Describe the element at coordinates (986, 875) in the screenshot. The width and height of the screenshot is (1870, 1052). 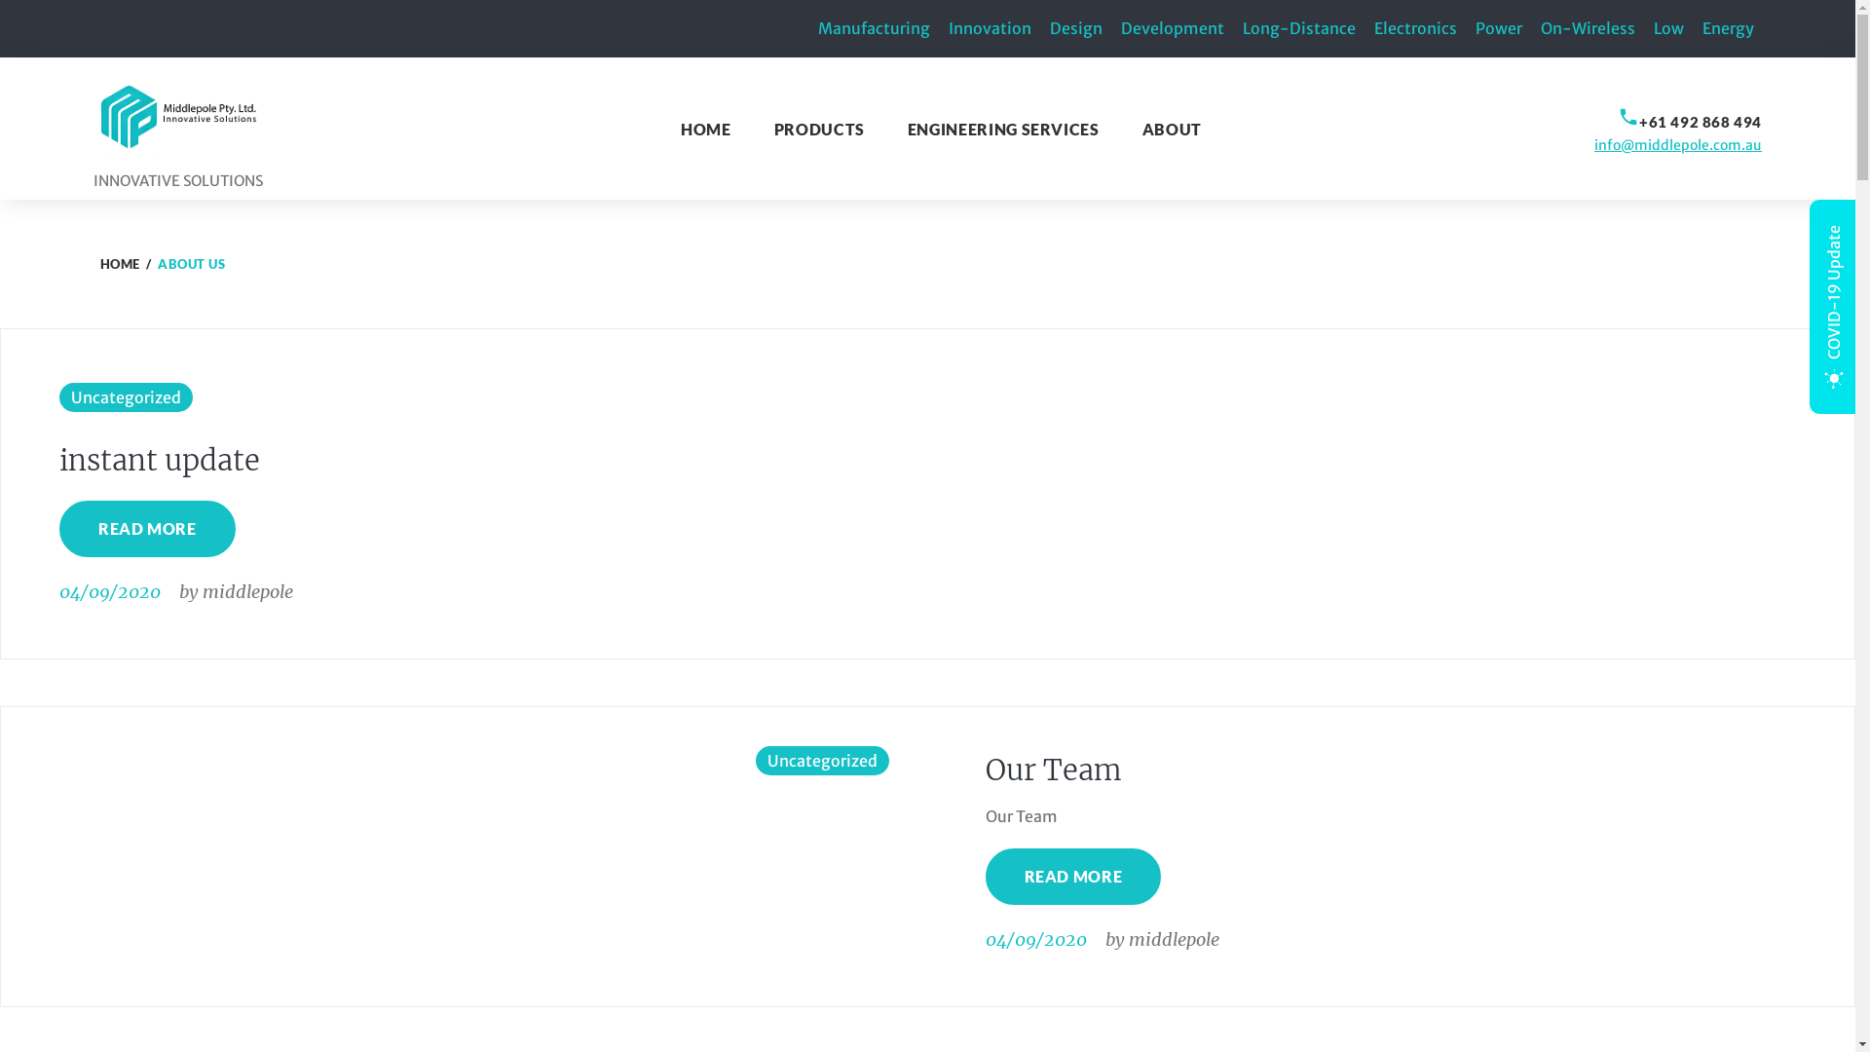
I see `'READ MORE'` at that location.